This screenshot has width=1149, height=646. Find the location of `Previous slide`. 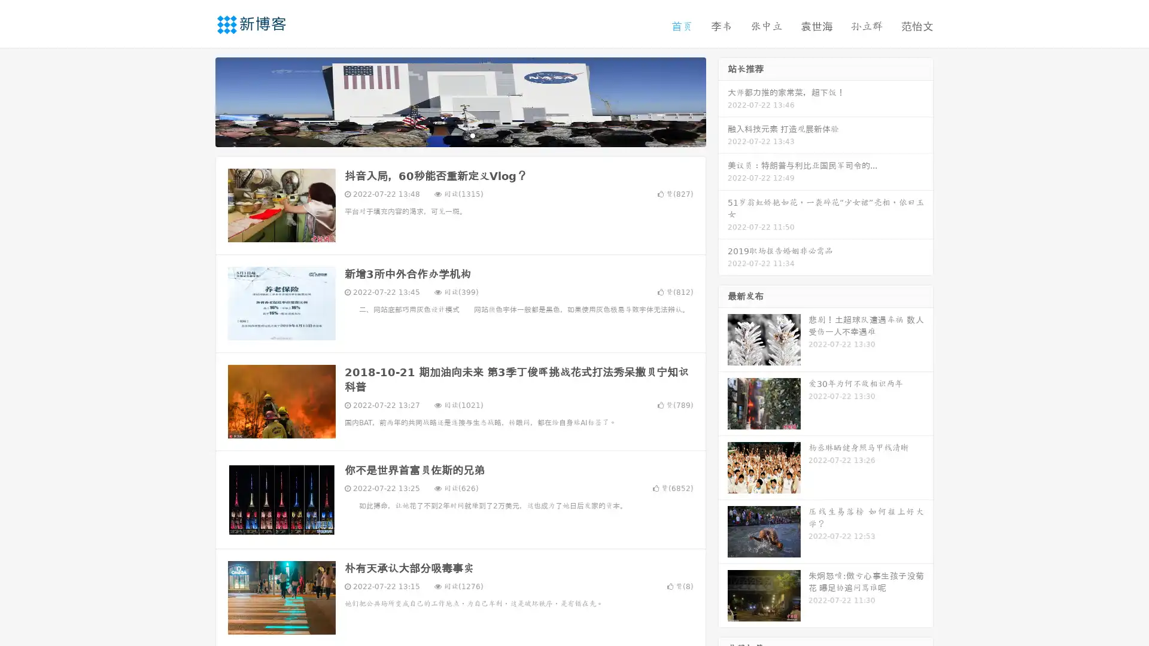

Previous slide is located at coordinates (197, 100).